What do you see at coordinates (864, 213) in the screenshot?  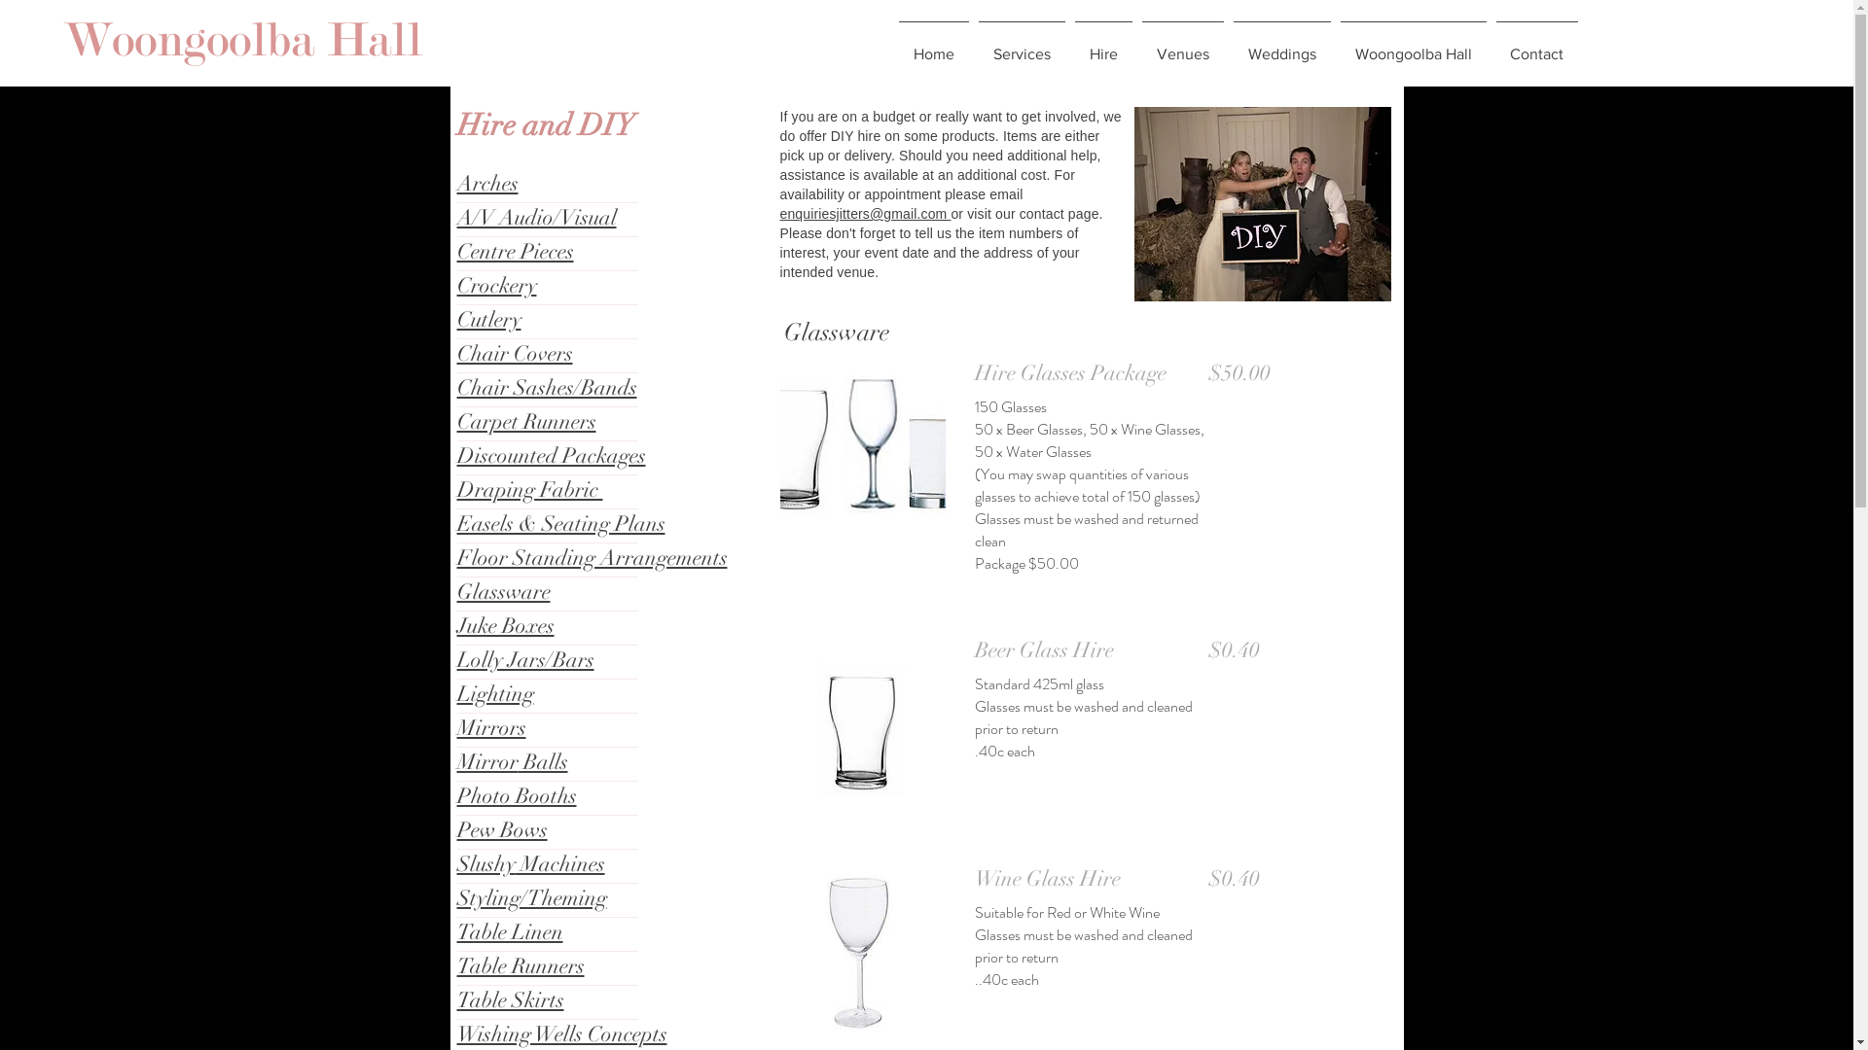 I see `'enquiriesjitters@gmail.com '` at bounding box center [864, 213].